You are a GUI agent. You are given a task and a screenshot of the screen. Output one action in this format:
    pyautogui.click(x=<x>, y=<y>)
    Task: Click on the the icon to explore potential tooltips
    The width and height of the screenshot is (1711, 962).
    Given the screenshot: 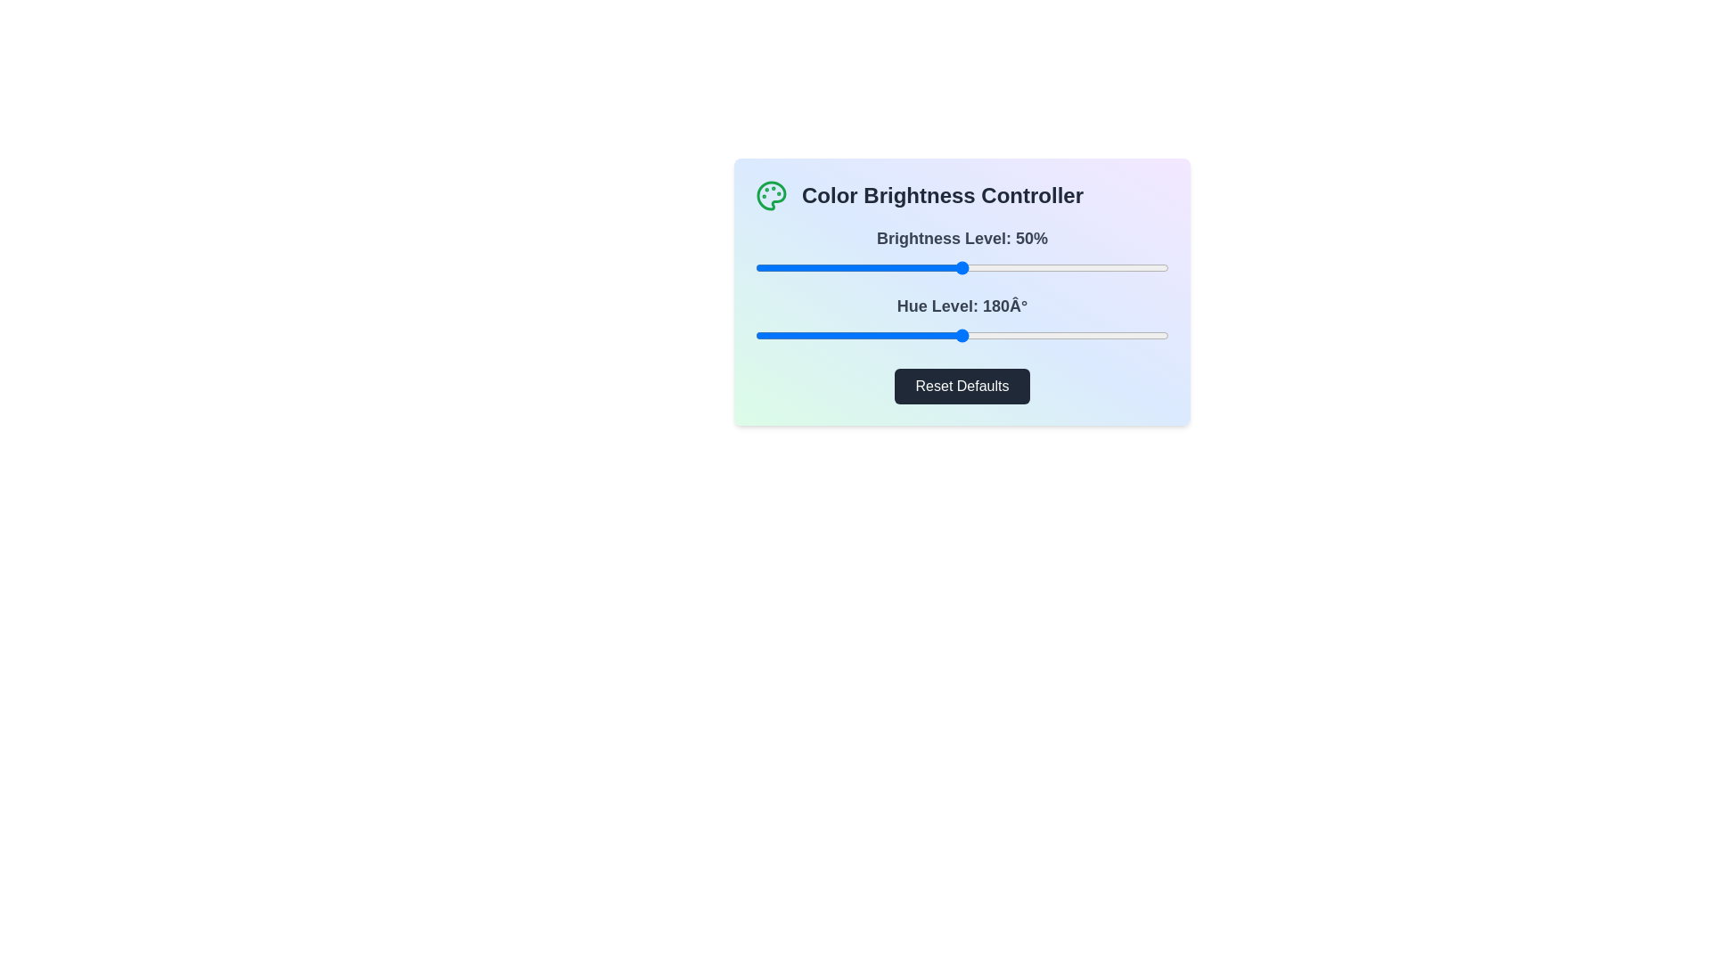 What is the action you would take?
    pyautogui.click(x=771, y=195)
    